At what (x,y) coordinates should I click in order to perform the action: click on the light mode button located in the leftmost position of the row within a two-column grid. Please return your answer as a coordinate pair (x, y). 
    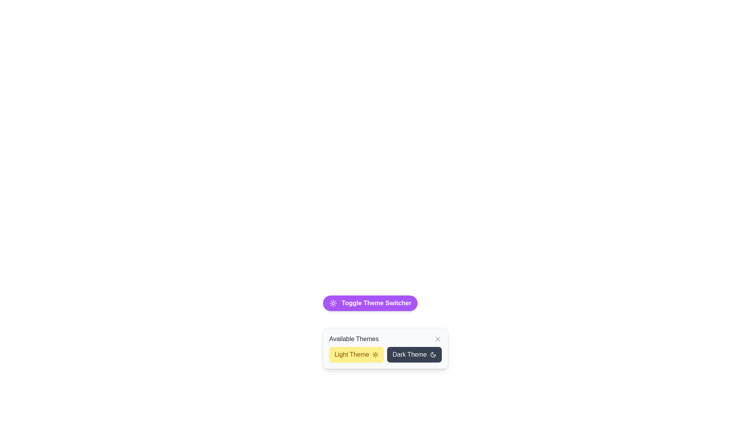
    Looking at the image, I should click on (356, 355).